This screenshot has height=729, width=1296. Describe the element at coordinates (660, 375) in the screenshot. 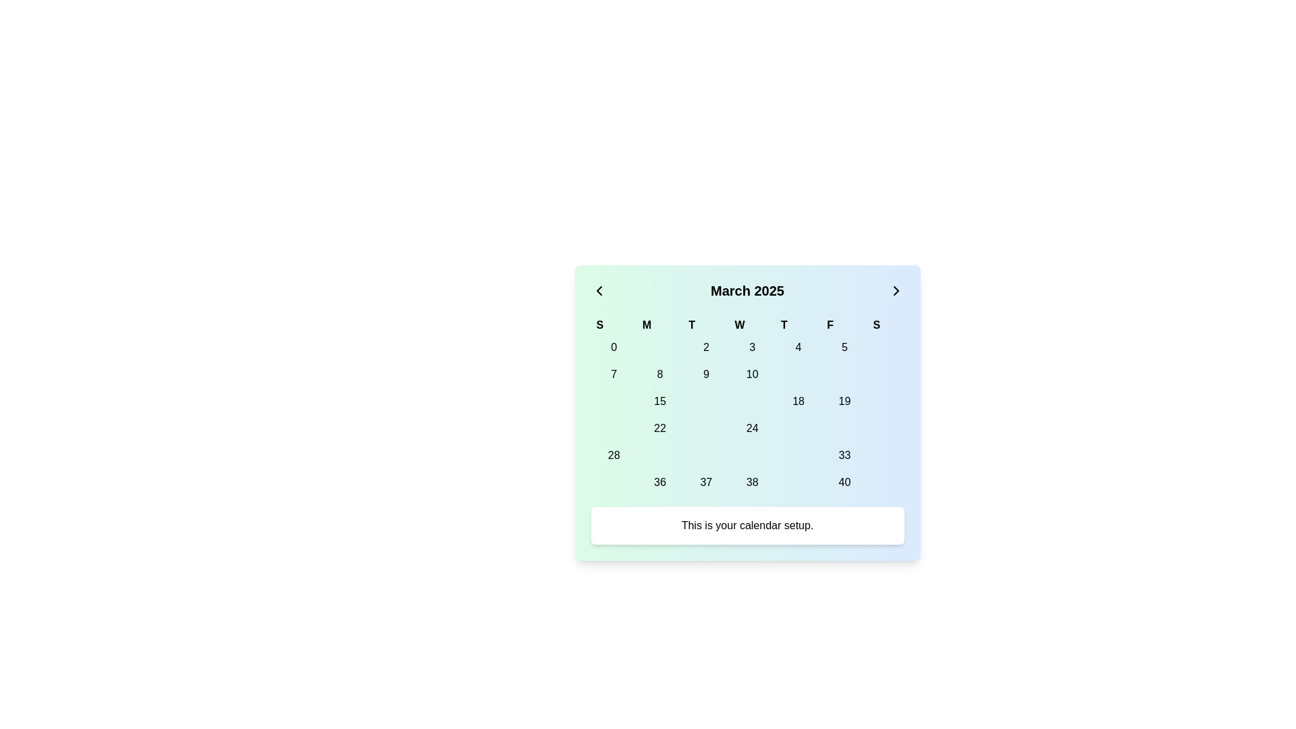

I see `the digit '8' displayed in a plain sans-serif font, which is positioned in the second column of the first row of digits, between '7' and '9'` at that location.